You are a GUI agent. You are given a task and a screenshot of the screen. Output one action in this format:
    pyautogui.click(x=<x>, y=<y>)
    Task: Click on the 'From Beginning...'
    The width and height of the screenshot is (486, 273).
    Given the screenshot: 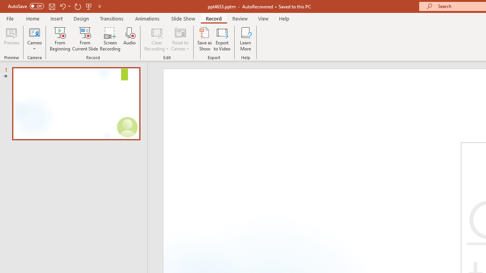 What is the action you would take?
    pyautogui.click(x=60, y=39)
    